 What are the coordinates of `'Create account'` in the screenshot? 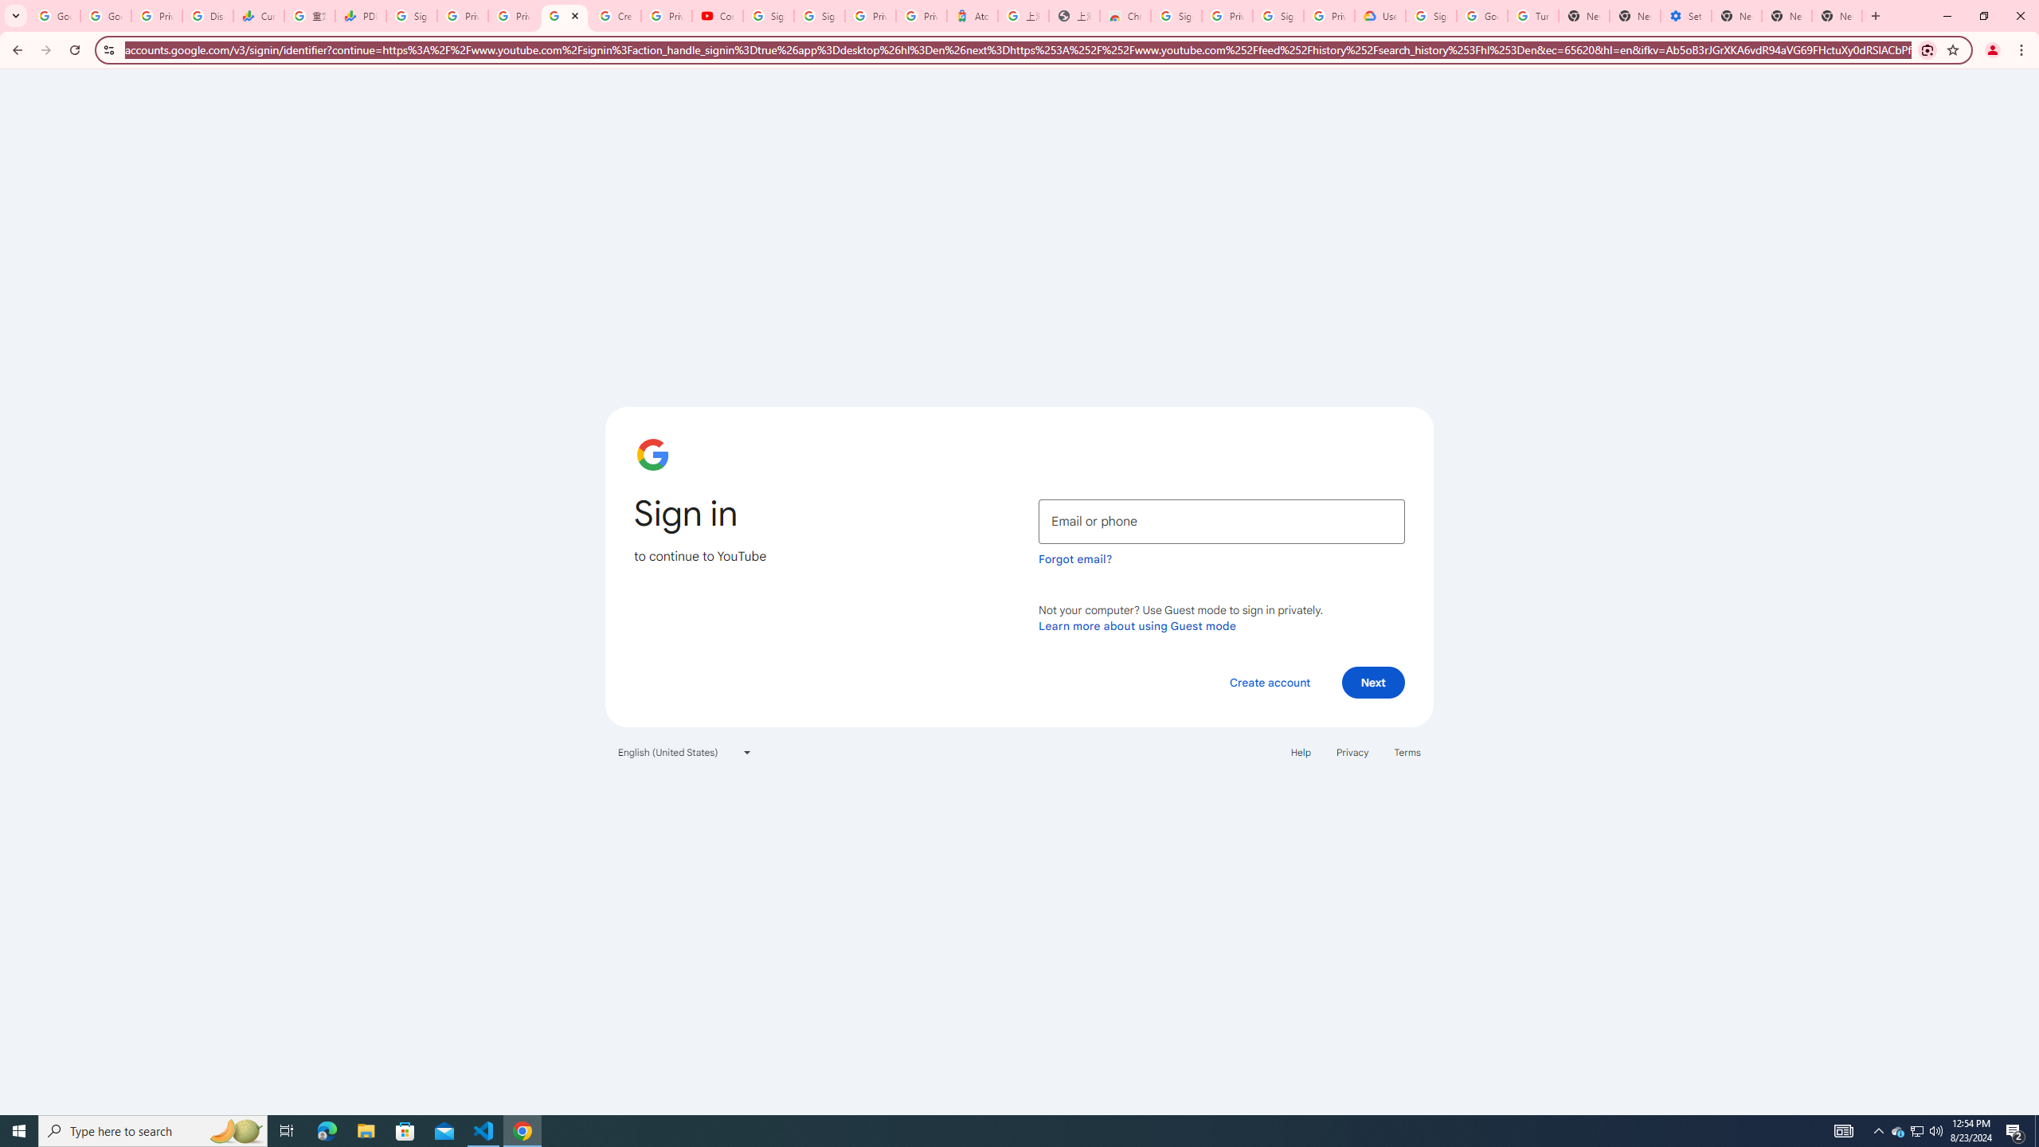 It's located at (1269, 681).